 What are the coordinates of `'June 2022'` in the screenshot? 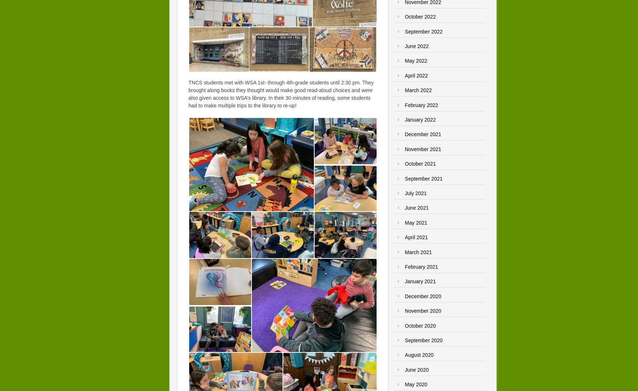 It's located at (416, 46).